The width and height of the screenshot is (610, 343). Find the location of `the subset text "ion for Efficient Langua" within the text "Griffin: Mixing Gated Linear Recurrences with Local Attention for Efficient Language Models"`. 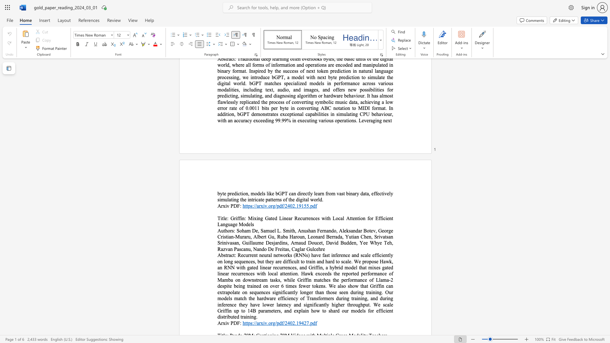

the subset text "ion for Efficient Langua" within the text "Griffin: Mixing Gated Linear Recurrences with Local Attention for Efficient Language Models" is located at coordinates (359, 218).